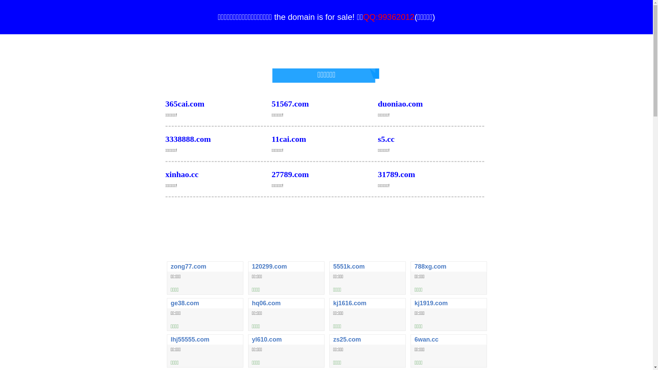  Describe the element at coordinates (326, 214) in the screenshot. I see `'Advertisement'` at that location.